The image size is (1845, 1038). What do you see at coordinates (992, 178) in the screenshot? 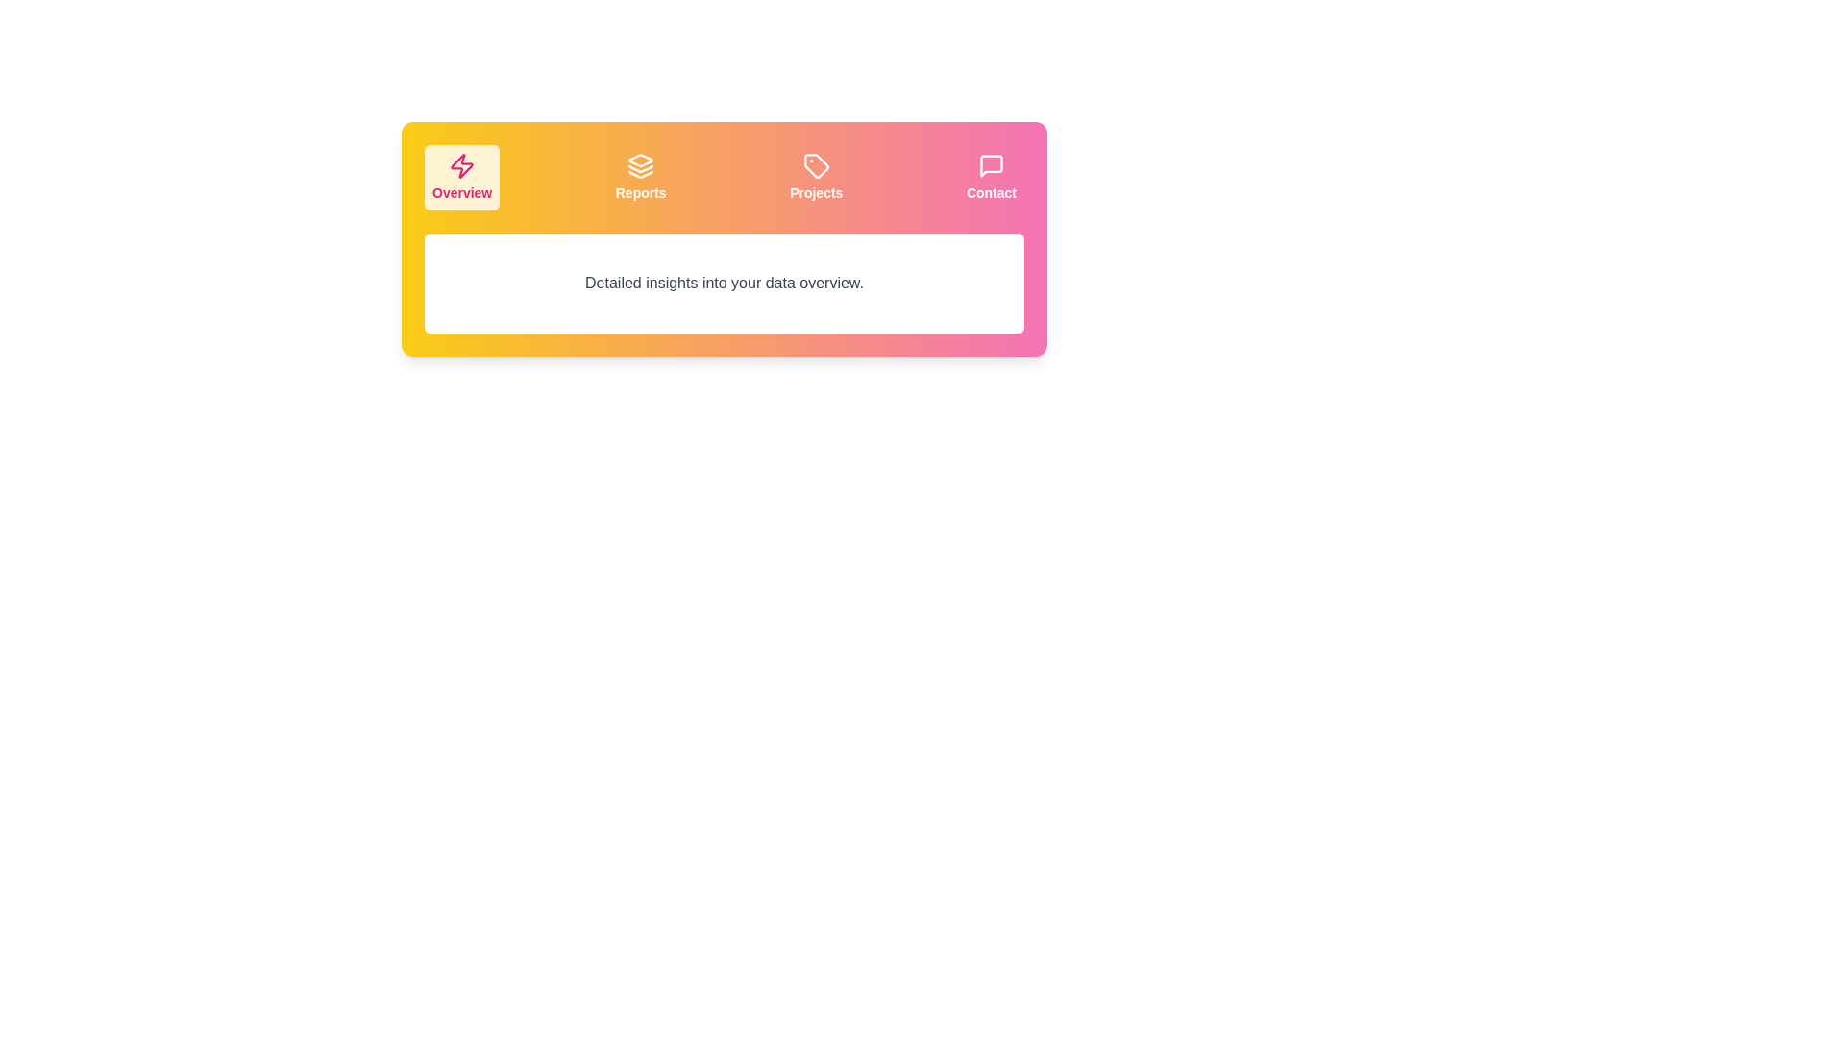
I see `the 'Contact' button, which is the last button in a horizontal row, featuring a white message bubble icon and bold white text on a pink gradient background` at bounding box center [992, 178].